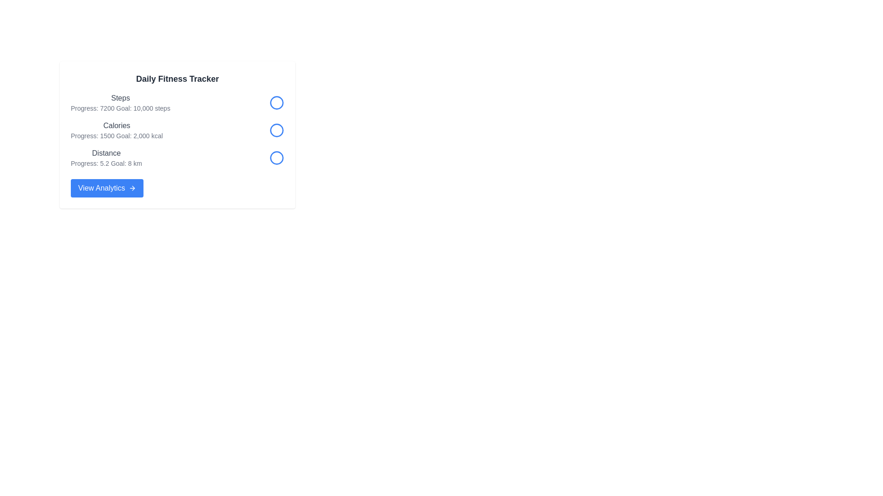 This screenshot has height=496, width=883. What do you see at coordinates (116, 125) in the screenshot?
I see `the Text Label that categorizes calorie tracking, which displays 'Calories Progress: 1500 Goal: 2,000 kcal'` at bounding box center [116, 125].